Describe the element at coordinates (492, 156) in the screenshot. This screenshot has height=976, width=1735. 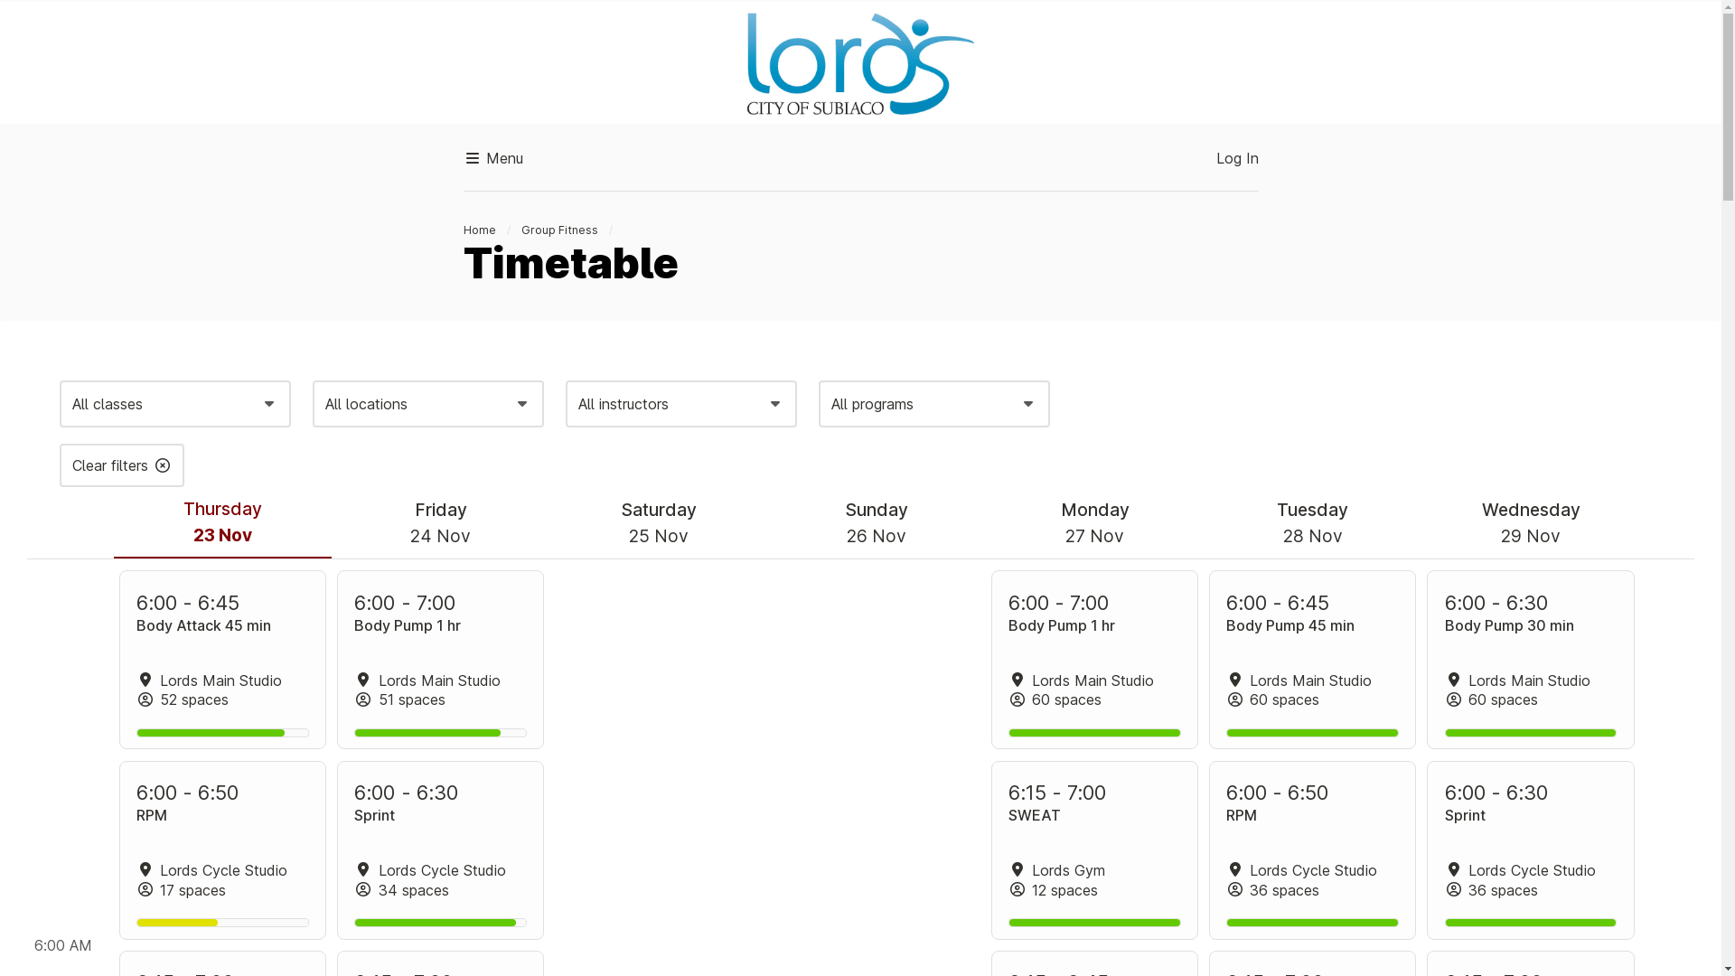
I see `'Menu'` at that location.